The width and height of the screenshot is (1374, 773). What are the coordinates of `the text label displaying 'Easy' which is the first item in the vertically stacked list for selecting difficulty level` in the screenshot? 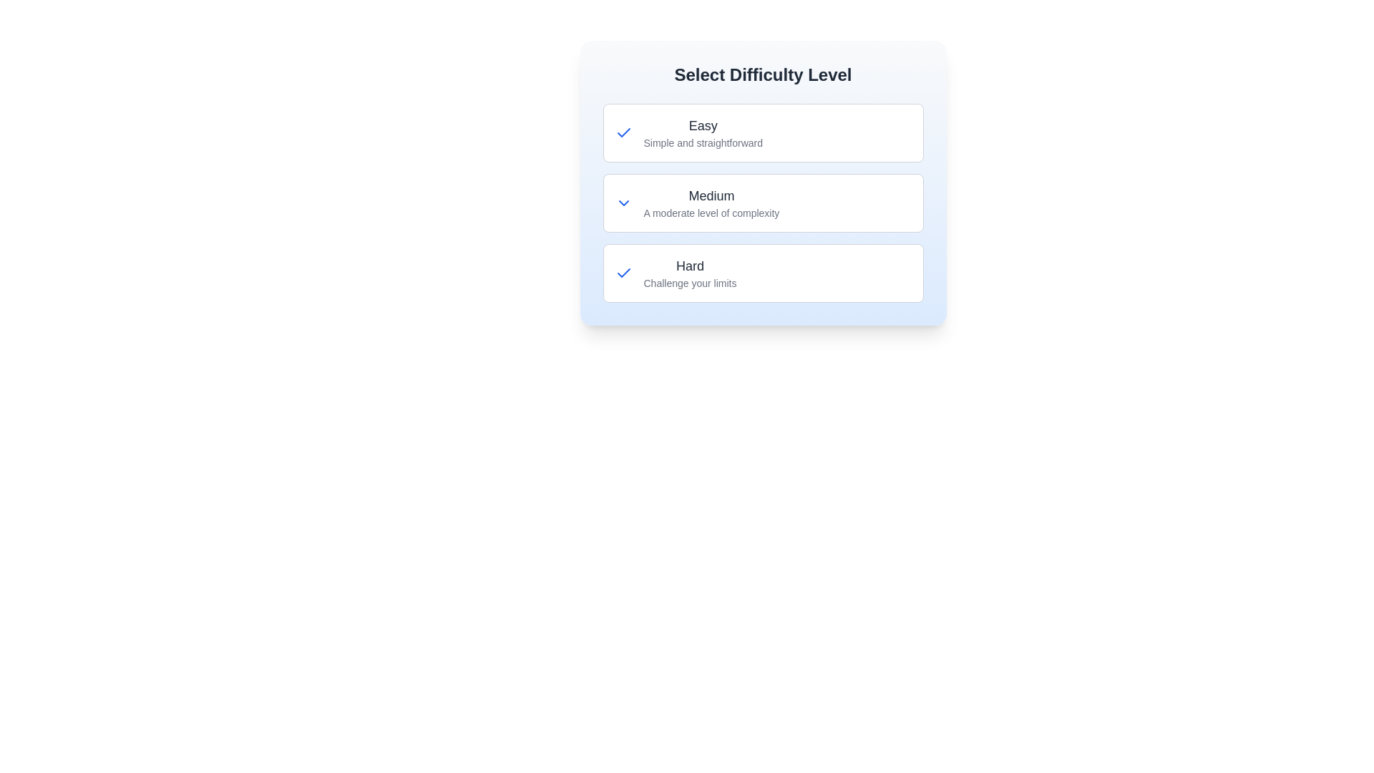 It's located at (703, 125).